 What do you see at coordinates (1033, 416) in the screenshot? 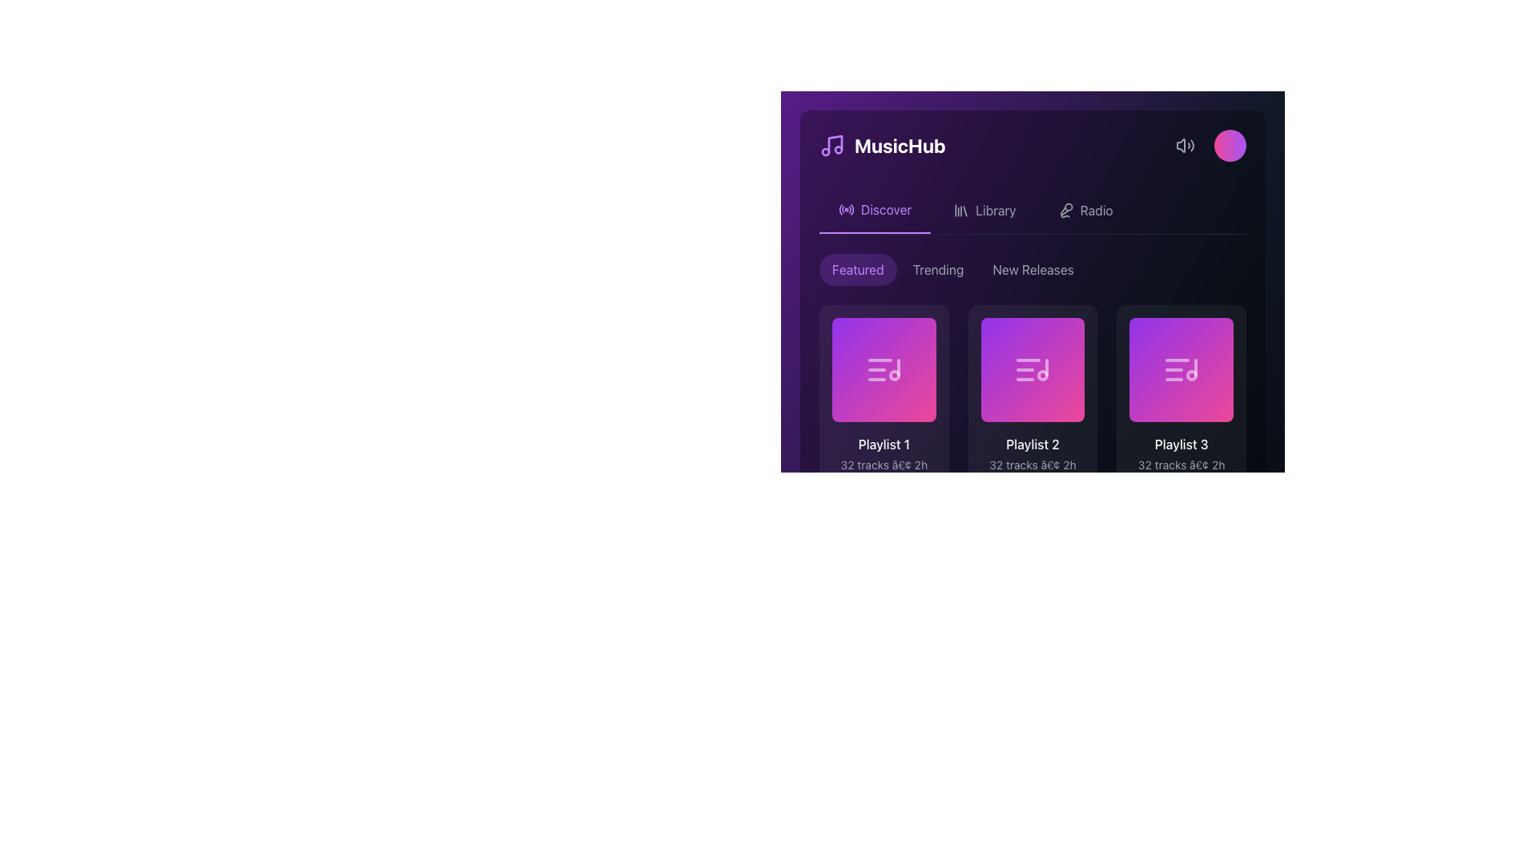
I see `the second playlist card in the grid layout` at bounding box center [1033, 416].